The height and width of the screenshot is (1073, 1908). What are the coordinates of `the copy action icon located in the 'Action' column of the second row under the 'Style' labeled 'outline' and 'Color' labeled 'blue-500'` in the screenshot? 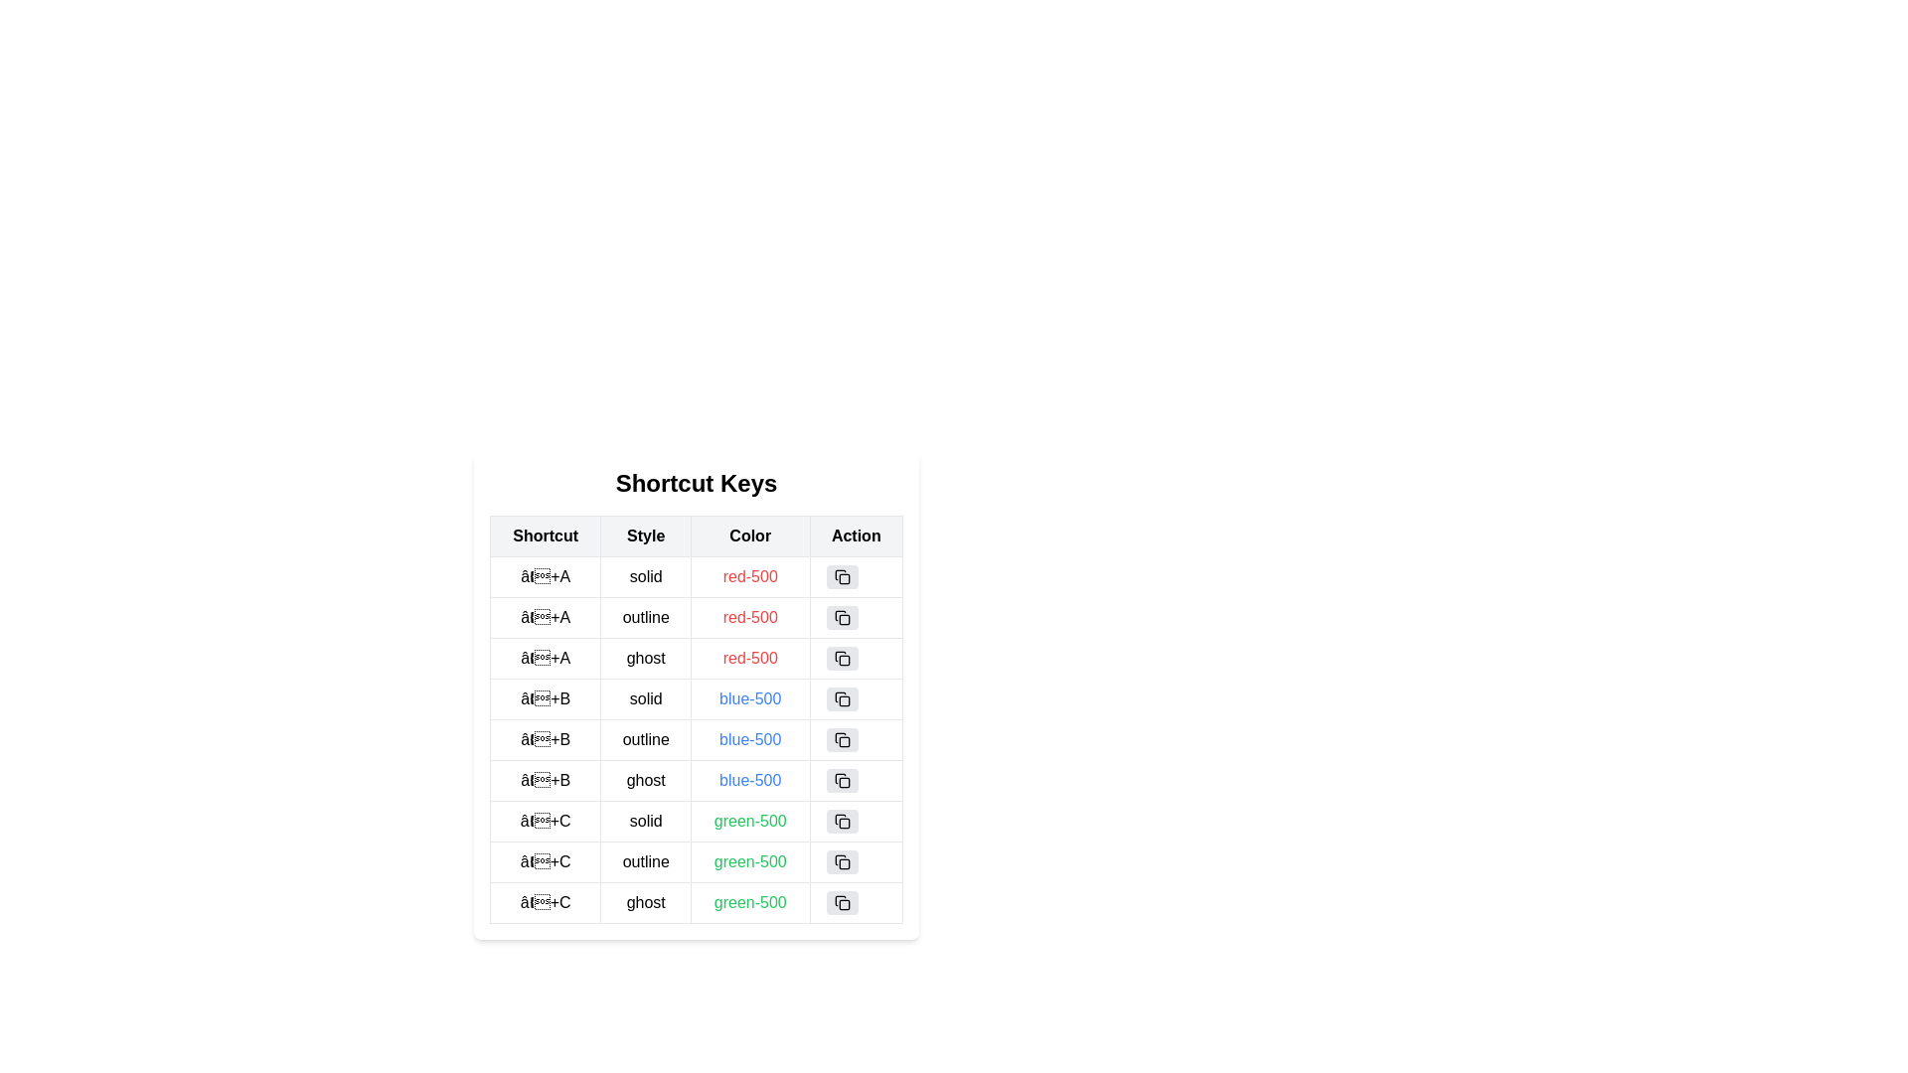 It's located at (842, 739).